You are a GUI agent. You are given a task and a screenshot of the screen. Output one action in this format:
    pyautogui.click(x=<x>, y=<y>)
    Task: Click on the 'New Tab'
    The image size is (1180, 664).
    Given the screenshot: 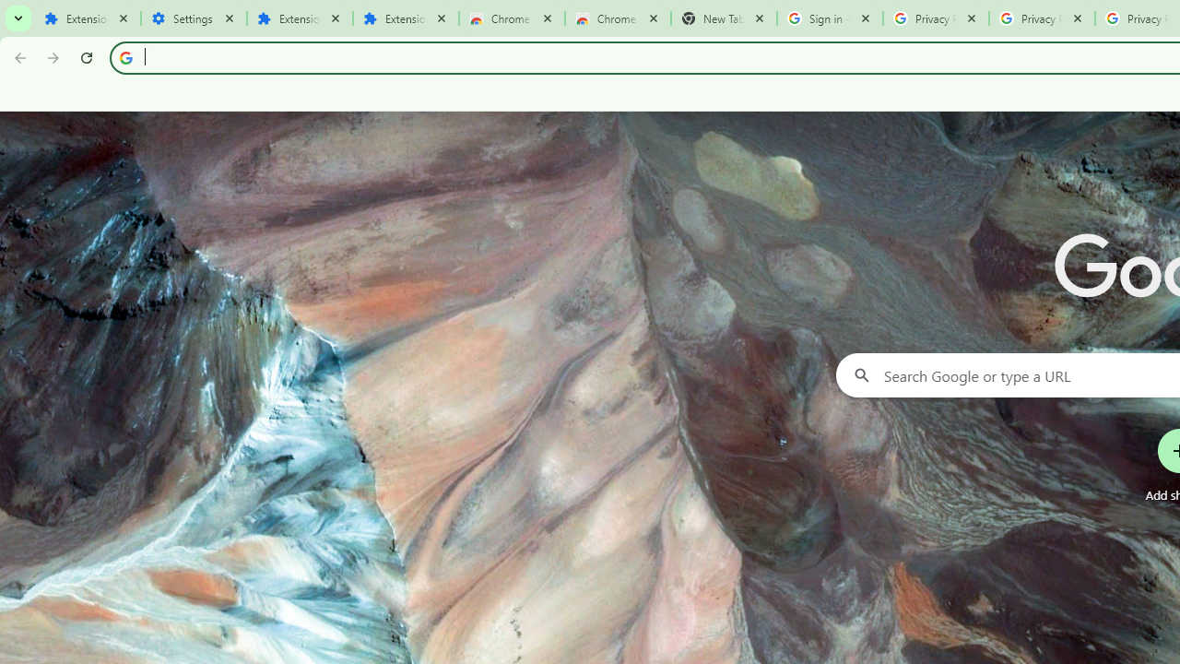 What is the action you would take?
    pyautogui.click(x=723, y=18)
    